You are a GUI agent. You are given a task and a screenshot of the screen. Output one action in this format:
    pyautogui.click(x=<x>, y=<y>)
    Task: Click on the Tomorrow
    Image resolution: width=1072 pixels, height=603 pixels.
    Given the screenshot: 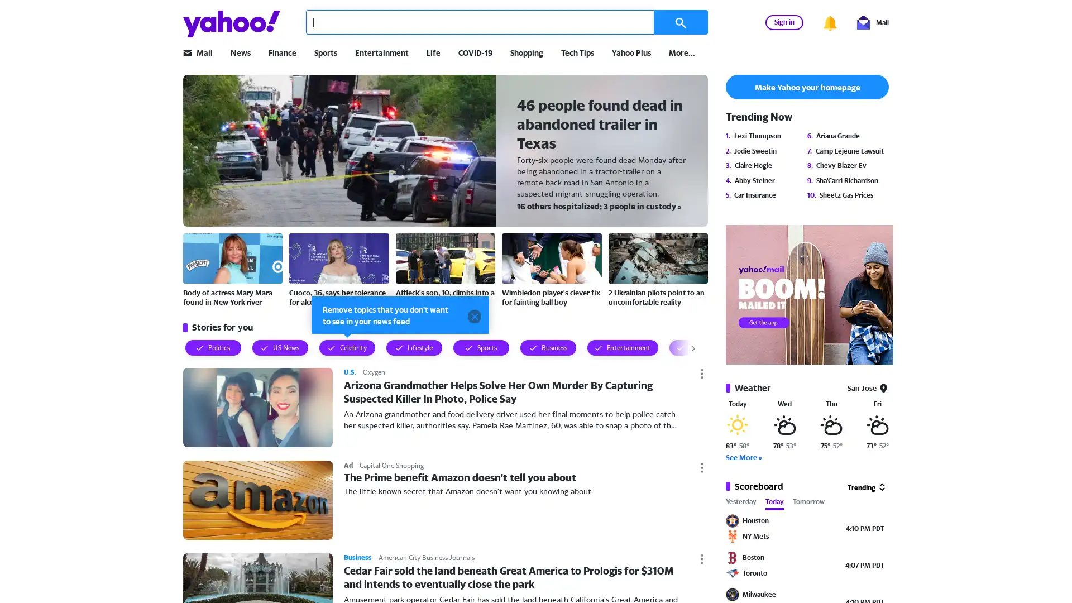 What is the action you would take?
    pyautogui.click(x=808, y=503)
    